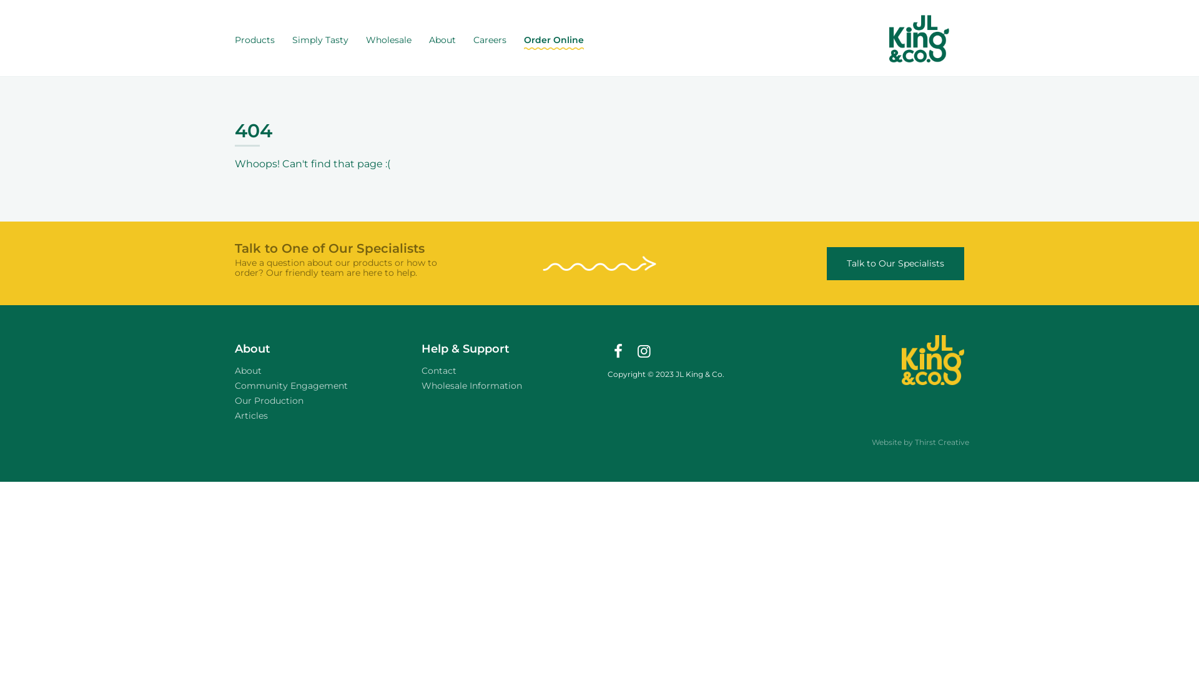 The image size is (1199, 674). Describe the element at coordinates (489, 39) in the screenshot. I see `'Careers'` at that location.